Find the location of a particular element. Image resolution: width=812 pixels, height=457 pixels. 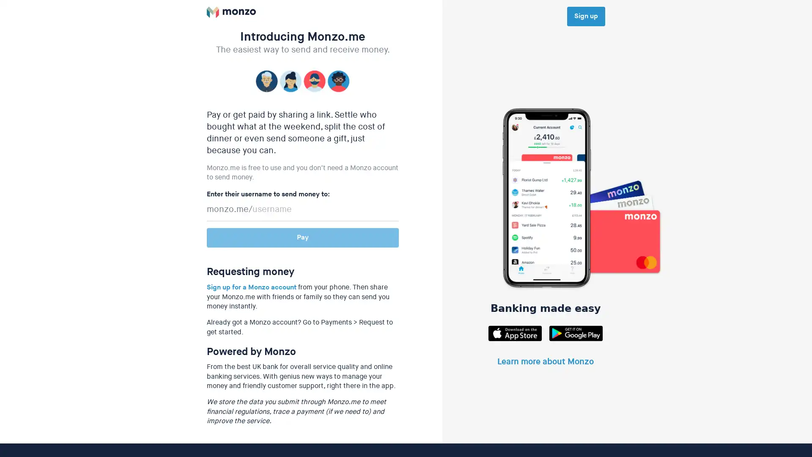

Pay is located at coordinates (302, 238).